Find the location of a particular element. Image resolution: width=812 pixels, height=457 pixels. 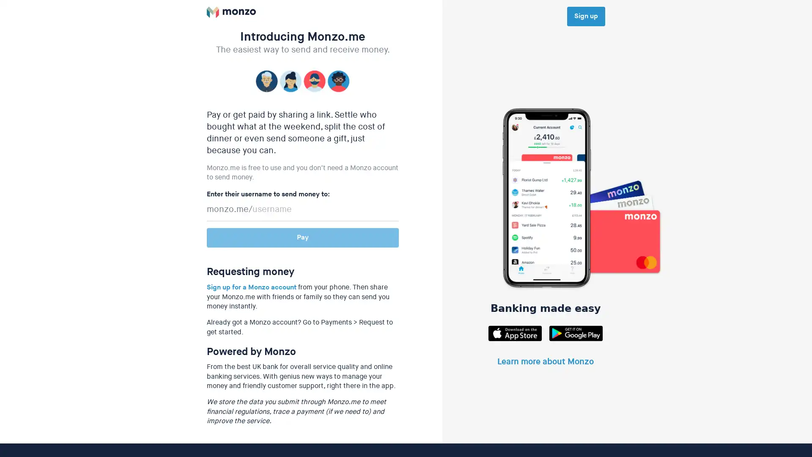

Pay is located at coordinates (302, 238).